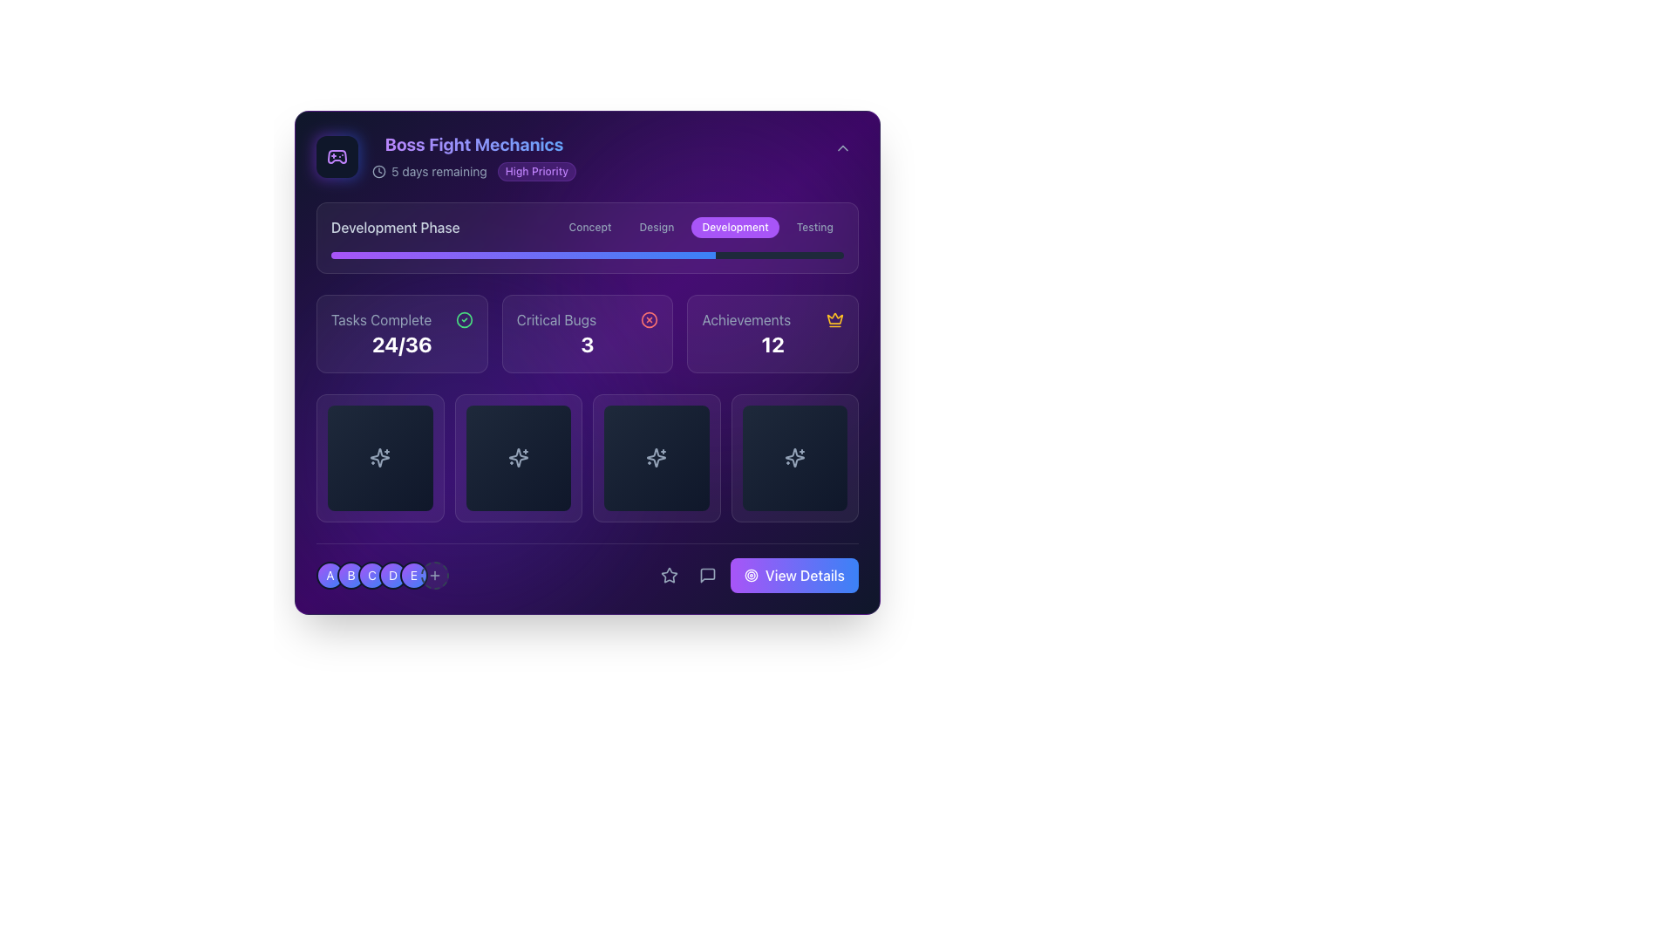 Image resolution: width=1674 pixels, height=942 pixels. Describe the element at coordinates (379, 457) in the screenshot. I see `the decorative or interactive icon located at the first position in the row of three clickable cards within the 'Achievements' category, below the 'Development Phase' section` at that location.